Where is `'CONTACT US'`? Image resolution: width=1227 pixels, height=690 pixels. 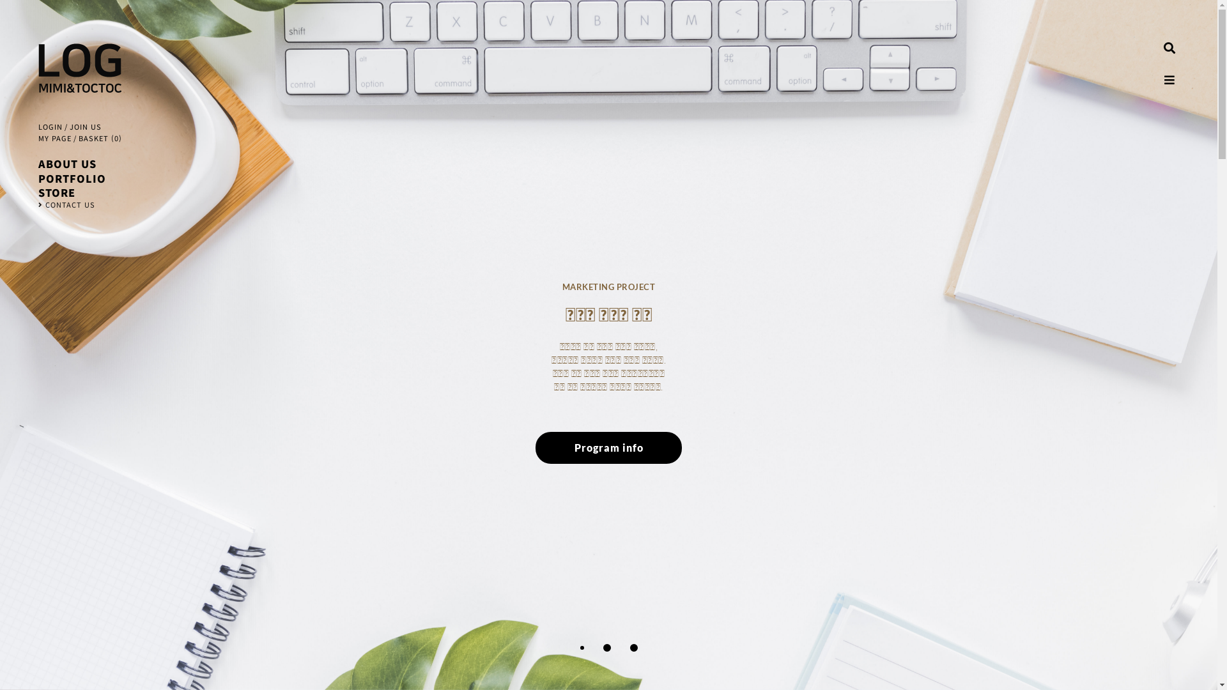 'CONTACT US' is located at coordinates (79, 204).